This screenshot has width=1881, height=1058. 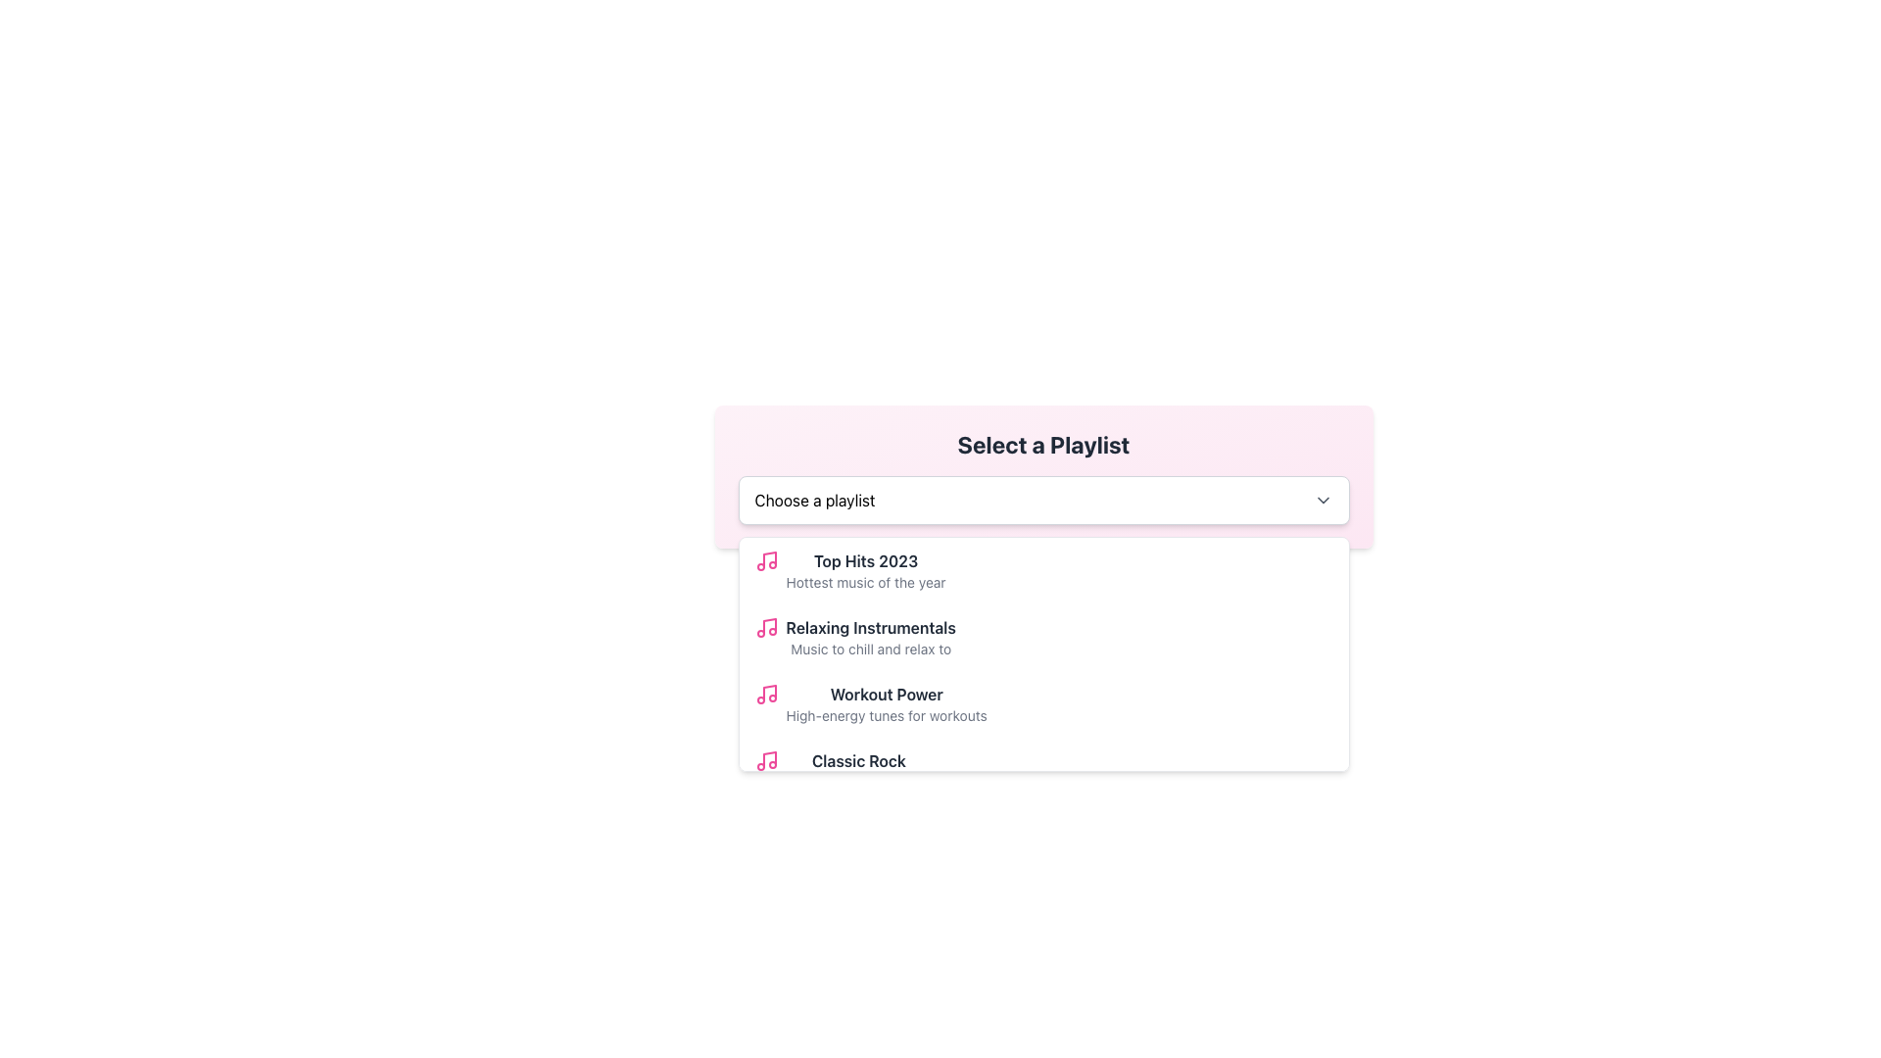 What do you see at coordinates (858, 759) in the screenshot?
I see `the 'Classic Rock' playlist option in the dropdown list located at the bottom of the modal panel` at bounding box center [858, 759].